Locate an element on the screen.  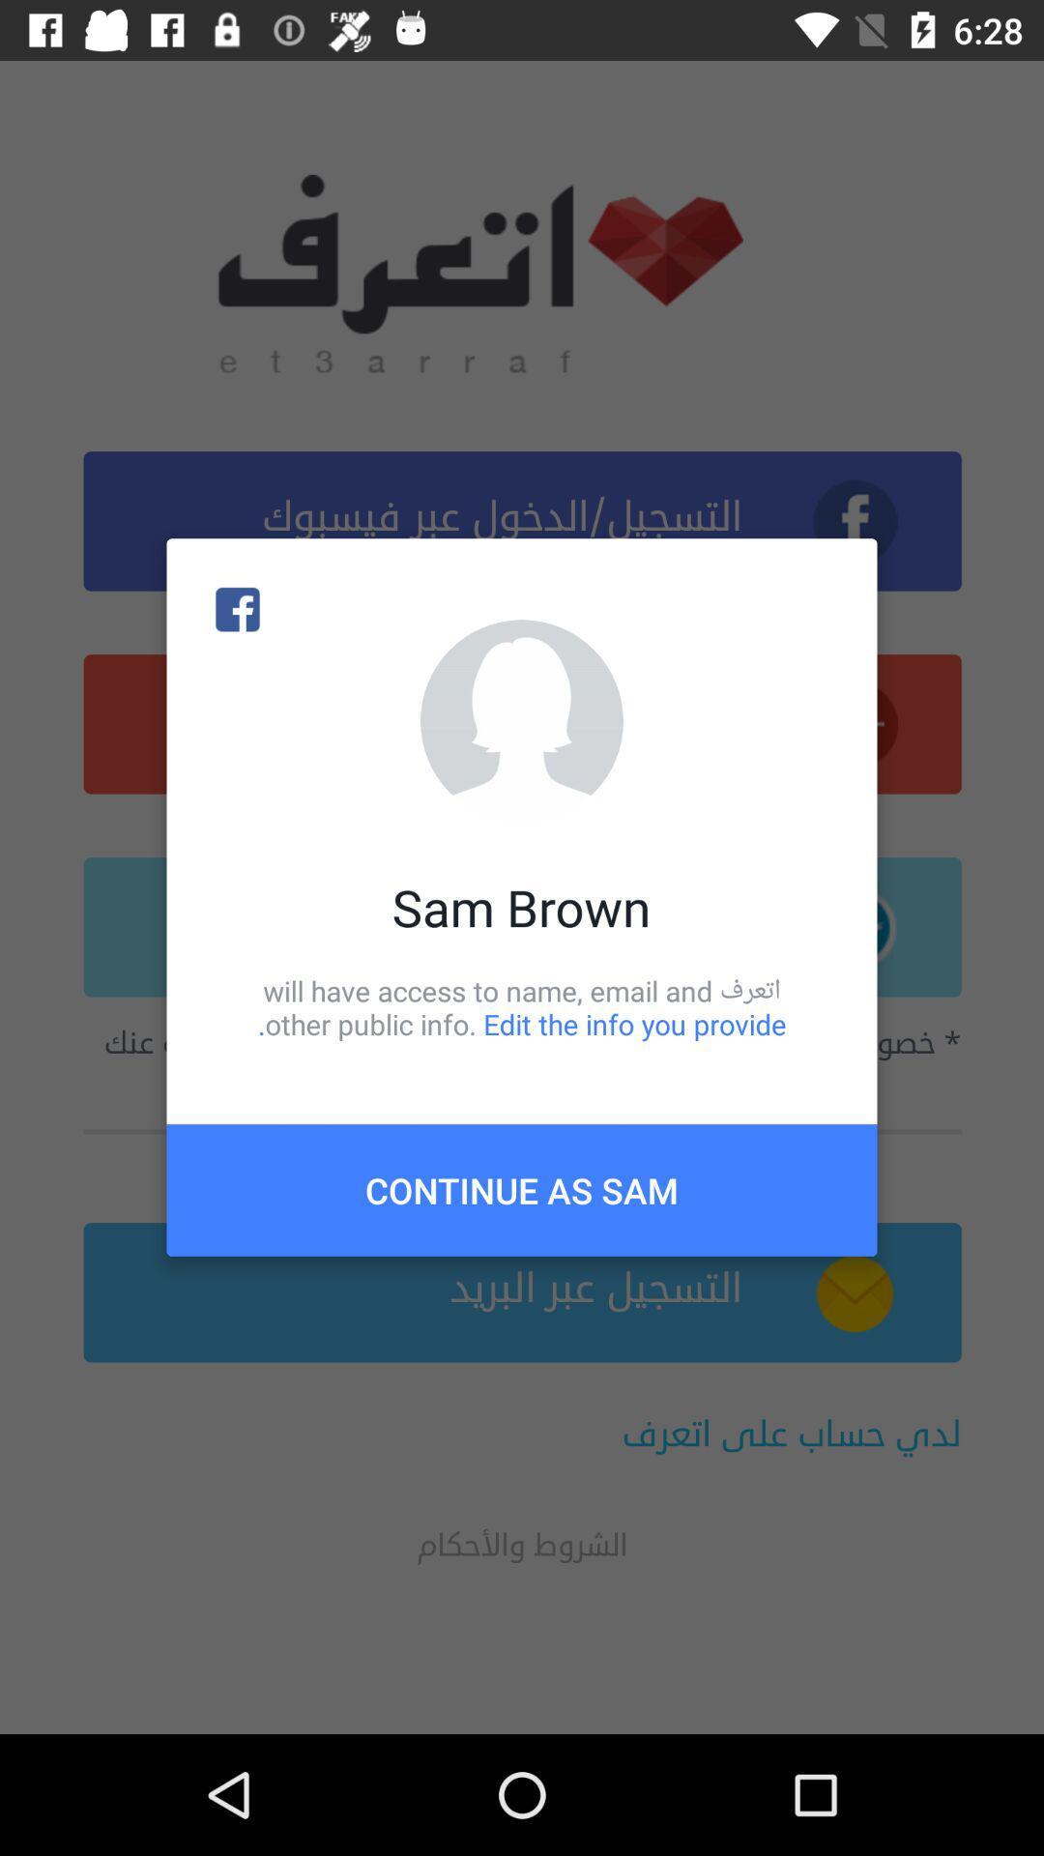
the continue as sam item is located at coordinates (522, 1189).